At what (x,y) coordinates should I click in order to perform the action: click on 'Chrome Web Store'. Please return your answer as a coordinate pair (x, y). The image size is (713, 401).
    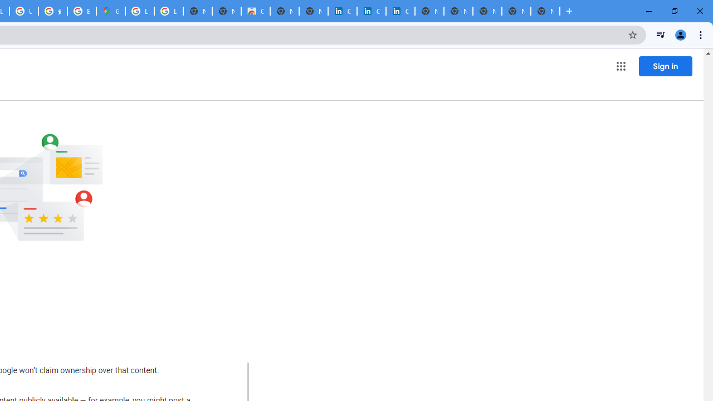
    Looking at the image, I should click on (255, 11).